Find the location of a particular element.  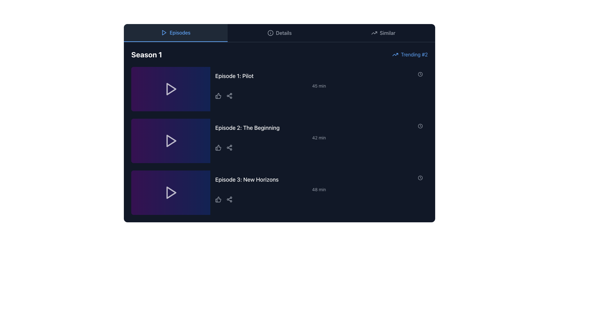

the 'thumbs-up' icon button located is located at coordinates (218, 199).